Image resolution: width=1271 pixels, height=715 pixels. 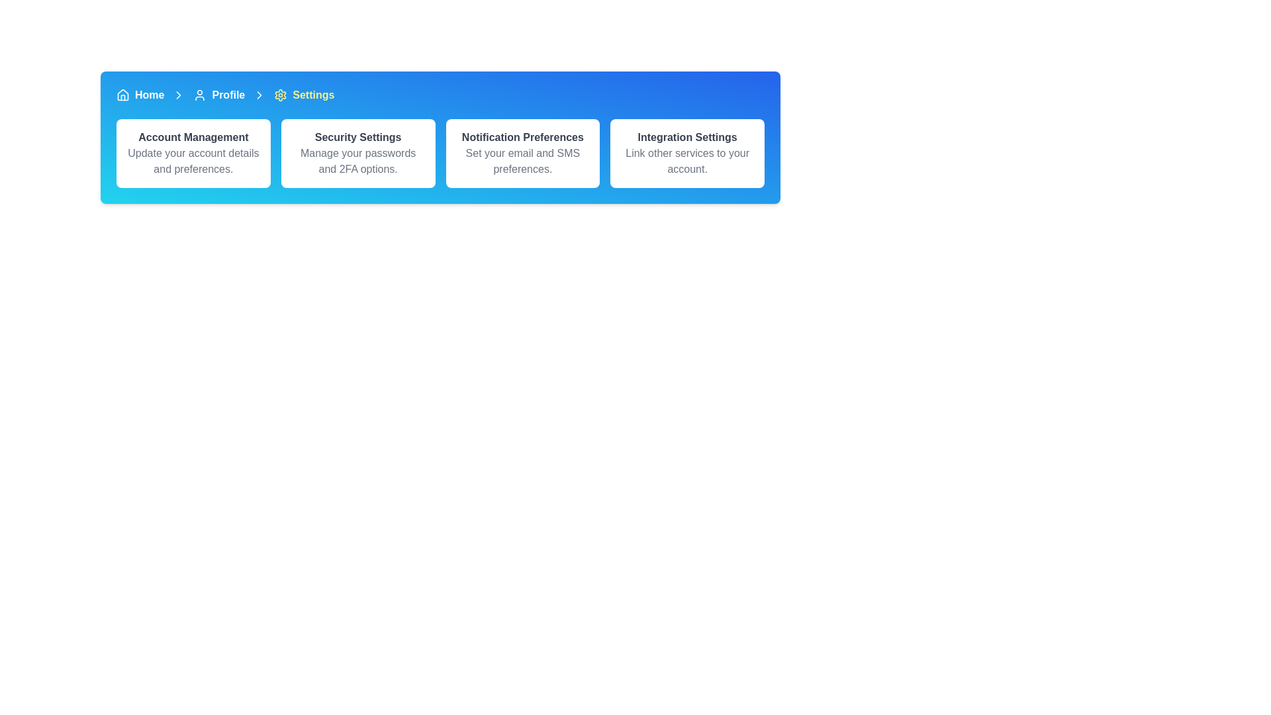 I want to click on the Informational Card located at the top-center section of the interface, so click(x=193, y=152).